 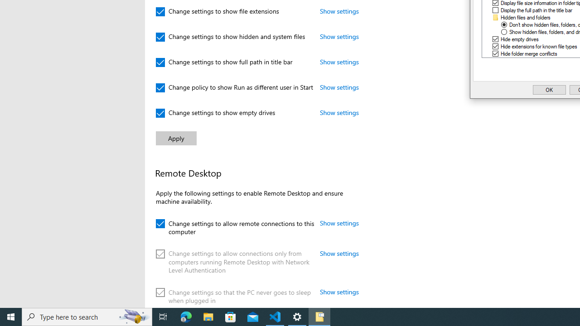 I want to click on 'Hidden files and folders', so click(x=526, y=17).